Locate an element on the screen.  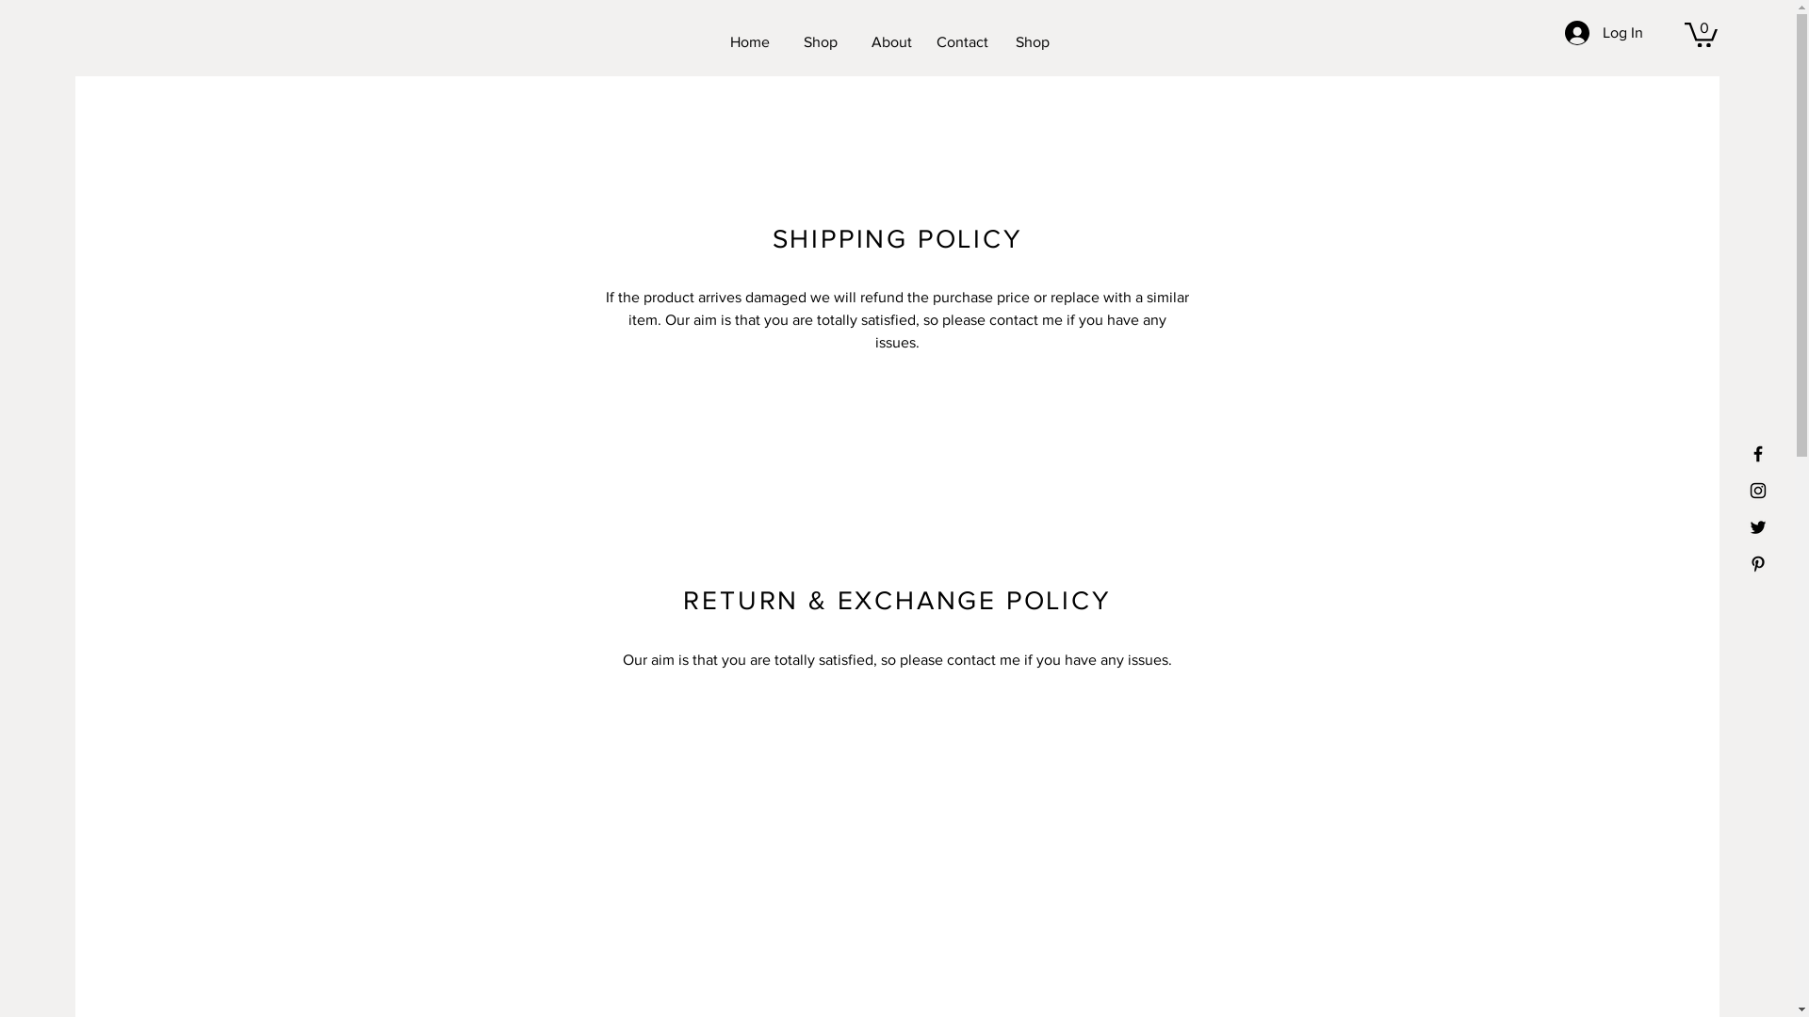
'Shop' is located at coordinates (1031, 42).